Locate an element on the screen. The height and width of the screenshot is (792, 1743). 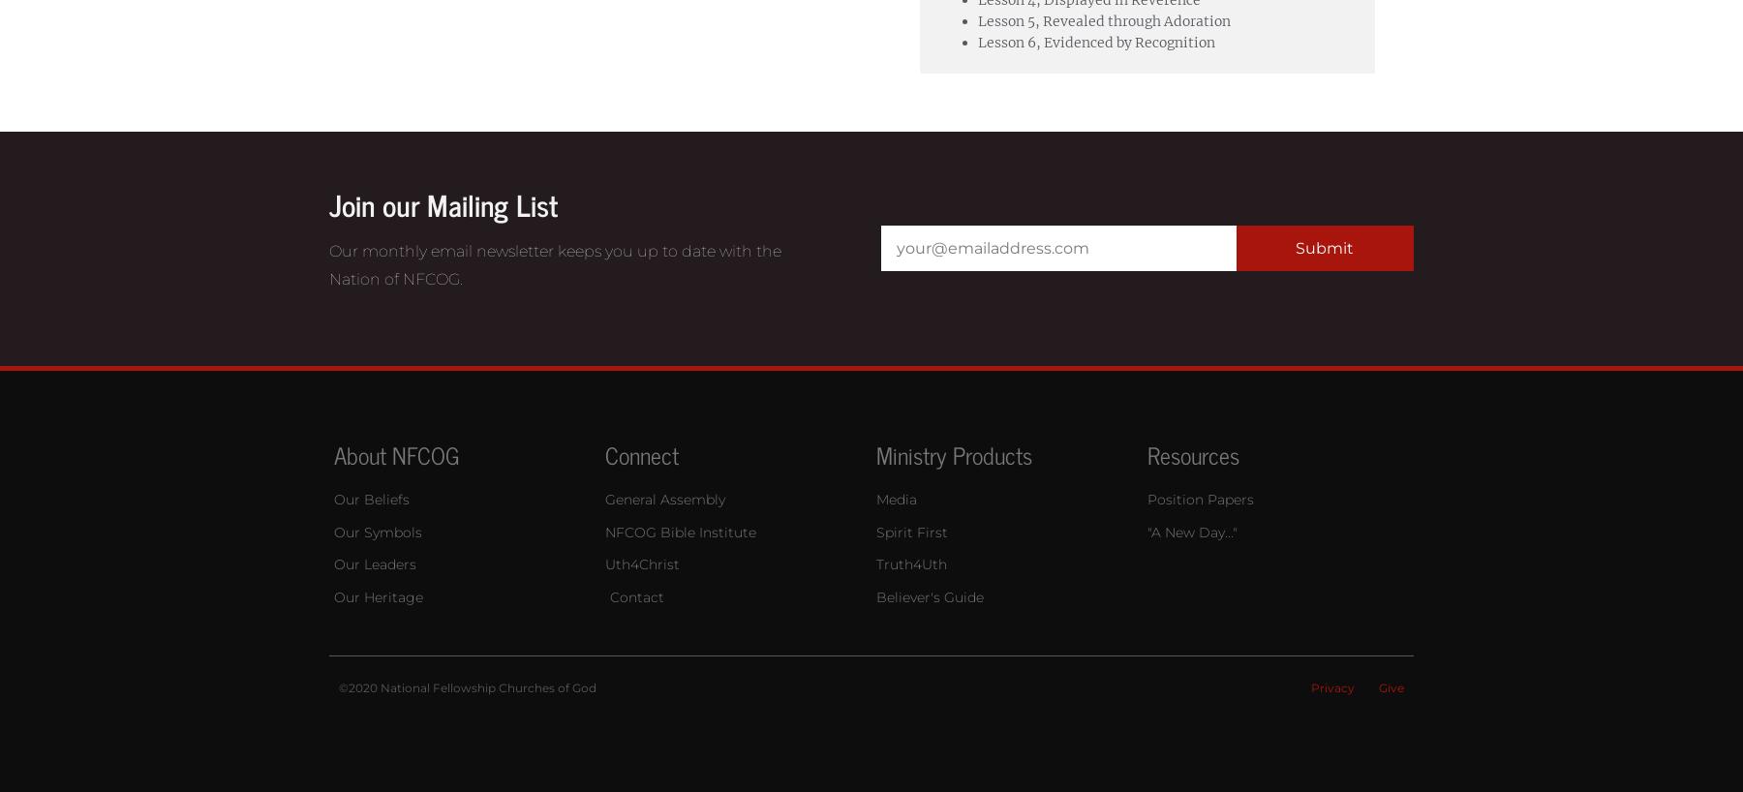
'Truth4Uth' is located at coordinates (910, 563).